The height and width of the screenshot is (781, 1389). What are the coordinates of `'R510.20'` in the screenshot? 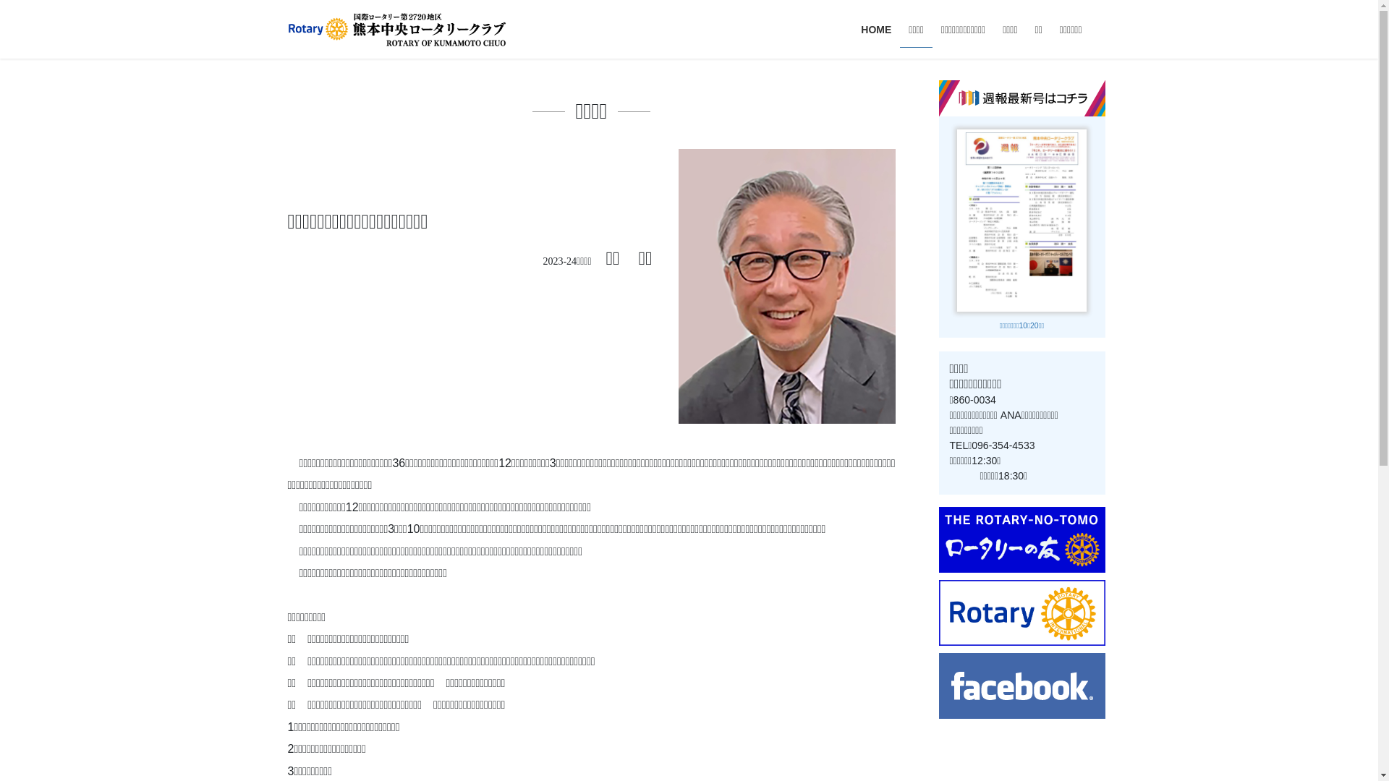 It's located at (1021, 219).